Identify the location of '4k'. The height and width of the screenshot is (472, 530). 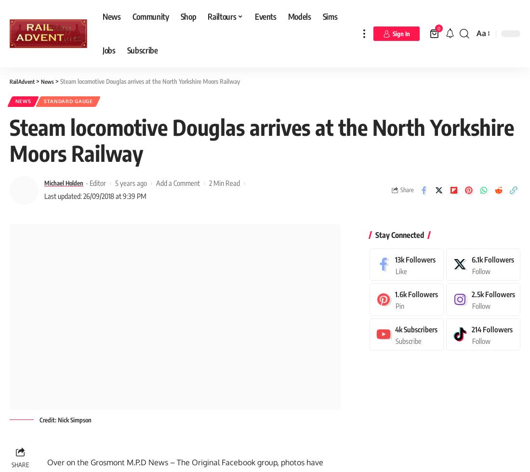
(398, 326).